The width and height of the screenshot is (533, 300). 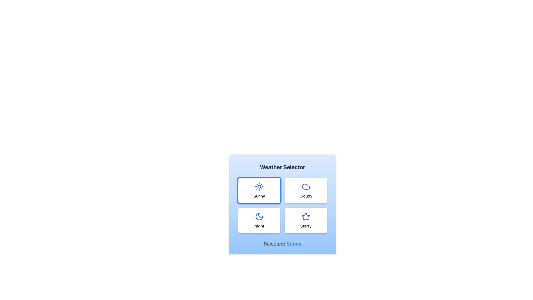 I want to click on the 'Sunny' weather selection button located in the upper-left corner of the 'Weather Selector' section, so click(x=259, y=190).